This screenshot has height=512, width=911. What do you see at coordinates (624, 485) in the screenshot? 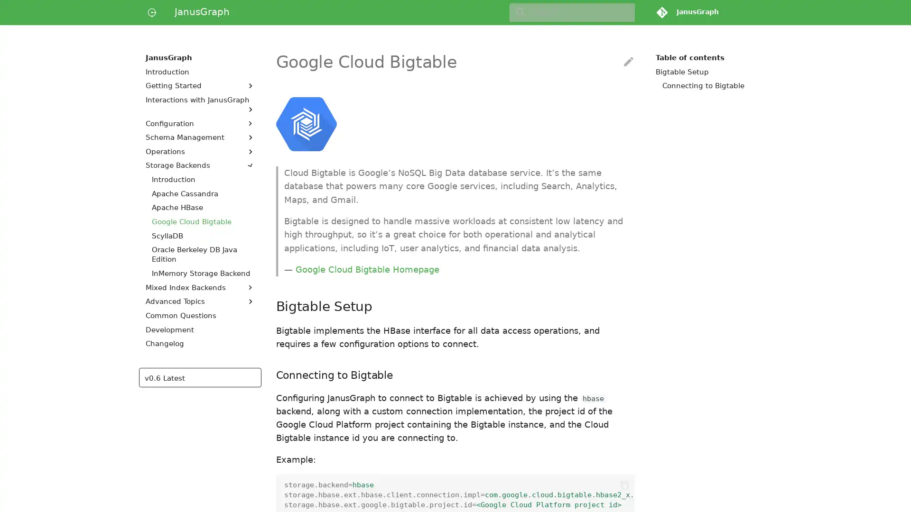
I see `Copy to clipboard` at bounding box center [624, 485].